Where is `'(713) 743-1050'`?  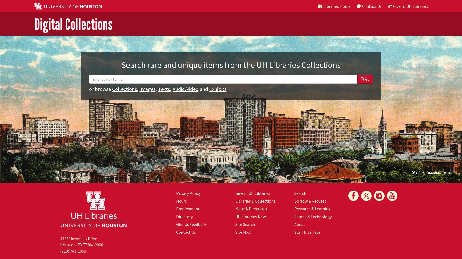
'(713) 743-1050' is located at coordinates (73, 250).